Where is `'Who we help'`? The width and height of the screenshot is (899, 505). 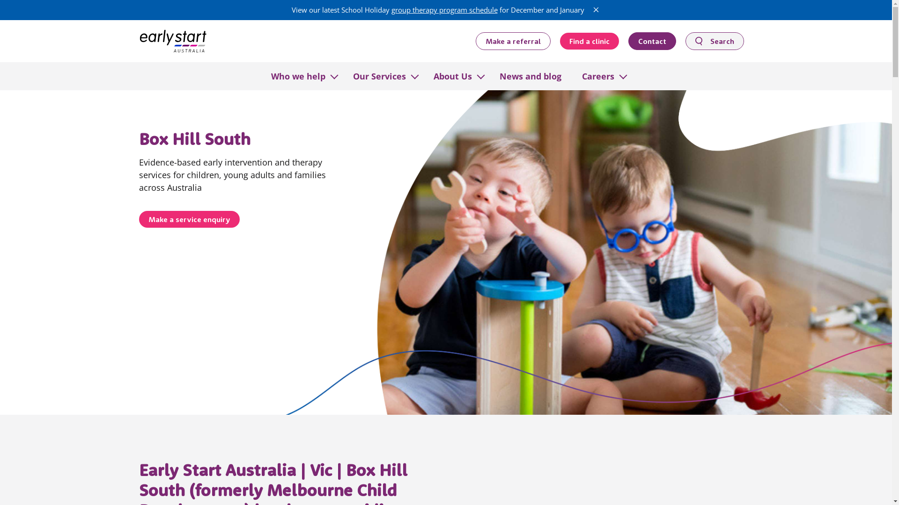
'Who we help' is located at coordinates (297, 75).